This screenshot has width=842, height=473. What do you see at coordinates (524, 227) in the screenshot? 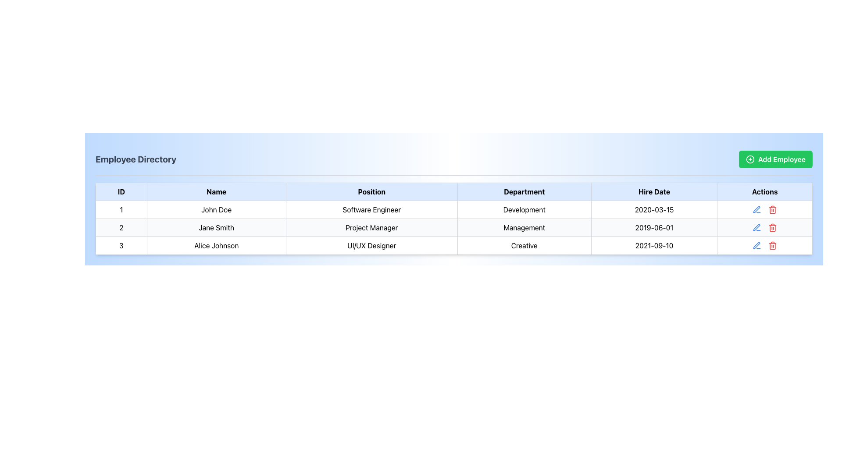
I see `the static text label indicating the department category for 'Jane Smith' in the fourth column of the second row of the table` at bounding box center [524, 227].